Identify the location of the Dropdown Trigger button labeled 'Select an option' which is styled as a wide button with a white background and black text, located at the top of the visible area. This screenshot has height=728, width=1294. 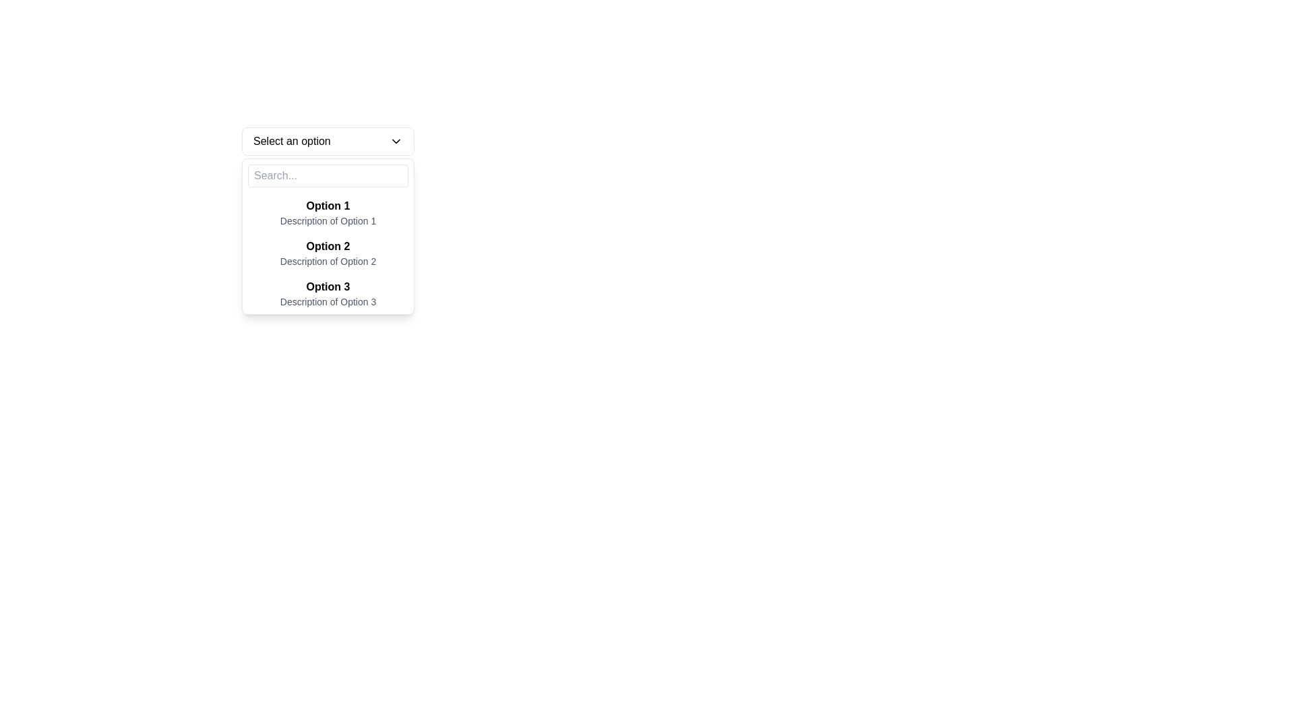
(328, 141).